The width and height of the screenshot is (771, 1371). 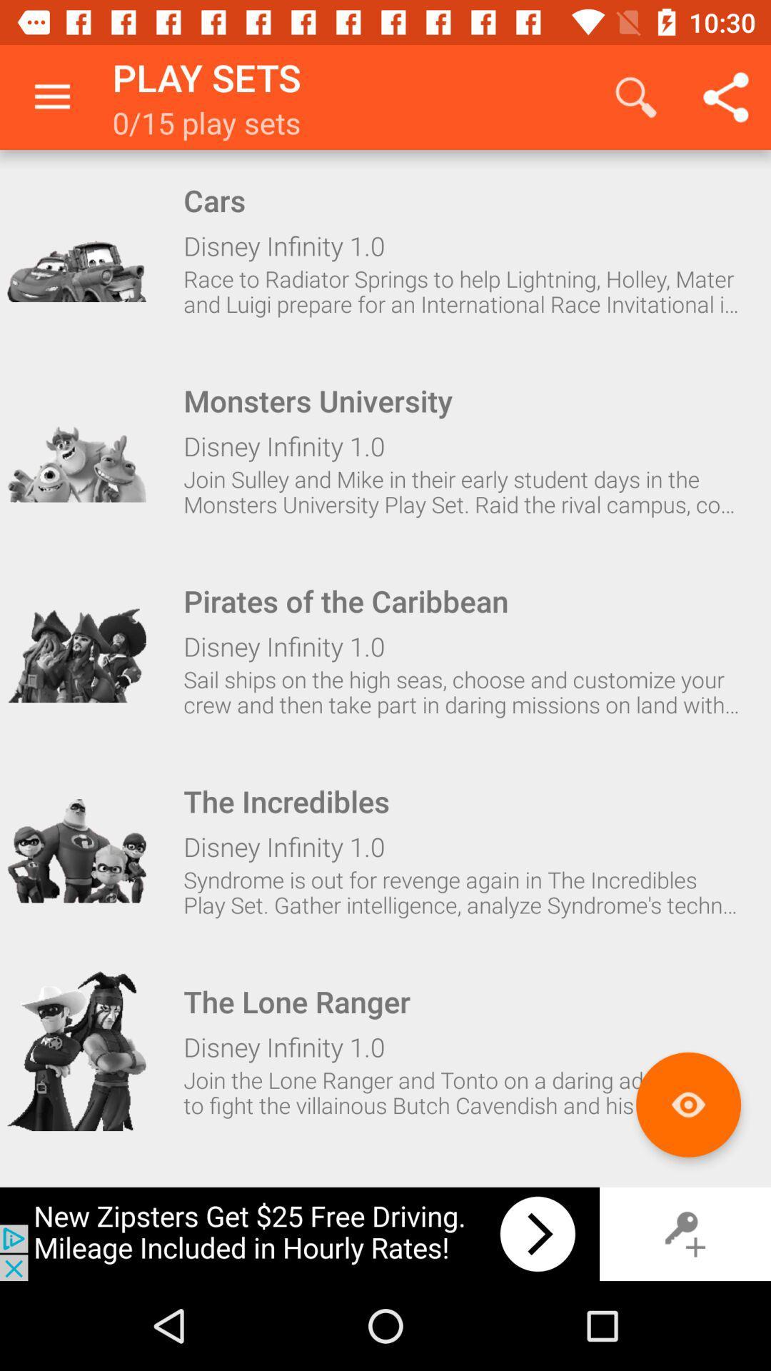 What do you see at coordinates (299, 1233) in the screenshot?
I see `open advertisement` at bounding box center [299, 1233].